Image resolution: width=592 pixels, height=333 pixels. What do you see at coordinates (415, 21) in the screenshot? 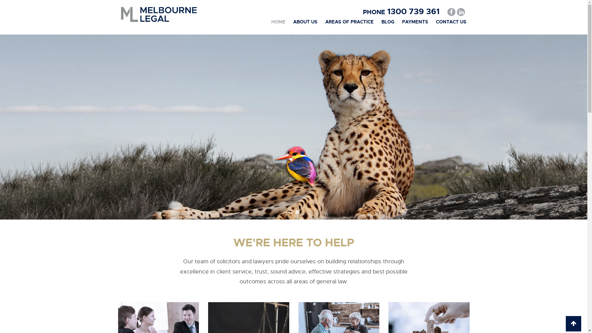
I see `'PAYMENTS'` at bounding box center [415, 21].